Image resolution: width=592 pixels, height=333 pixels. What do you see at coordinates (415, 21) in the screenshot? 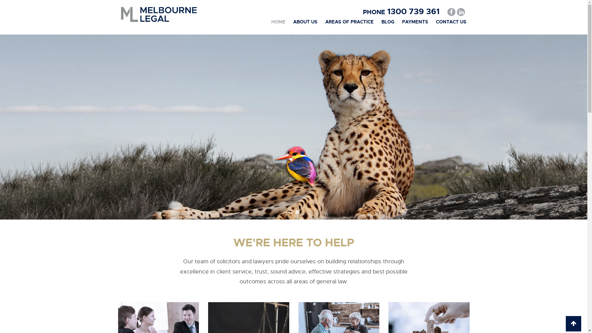
I see `'PAYMENTS'` at bounding box center [415, 21].